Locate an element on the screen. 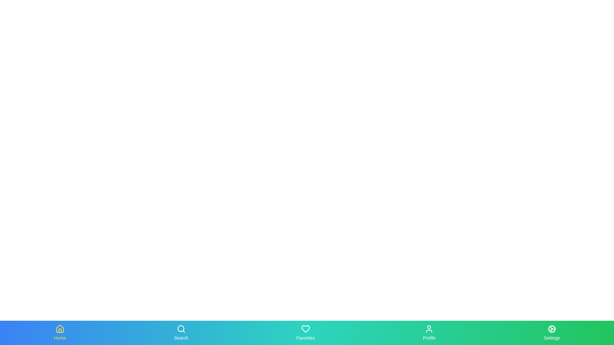 The height and width of the screenshot is (345, 614). the currently active tab, which is highlighted in yellow is located at coordinates (60, 332).